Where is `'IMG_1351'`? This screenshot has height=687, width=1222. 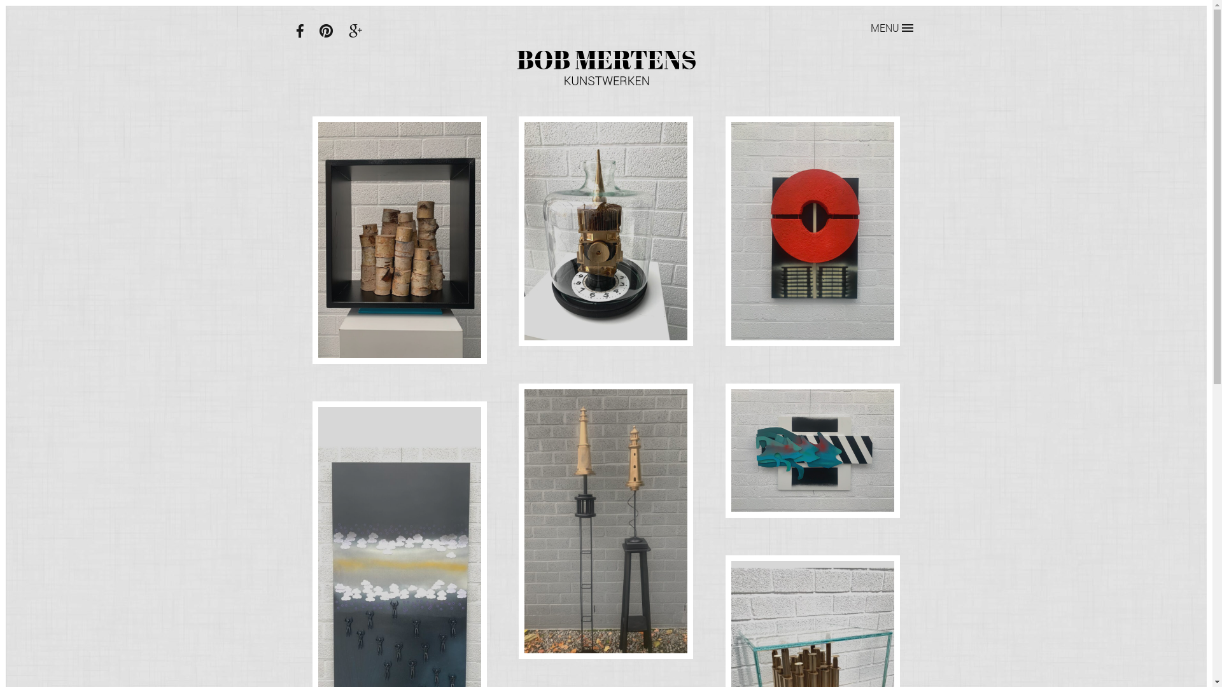 'IMG_1351' is located at coordinates (811, 450).